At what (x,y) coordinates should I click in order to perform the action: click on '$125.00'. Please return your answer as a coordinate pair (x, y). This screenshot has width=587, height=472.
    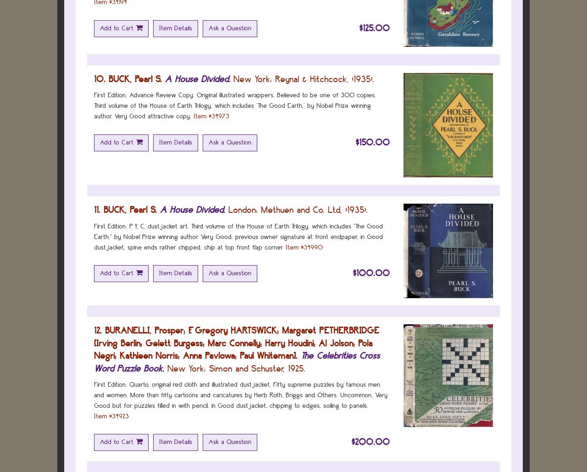
    Looking at the image, I should click on (358, 28).